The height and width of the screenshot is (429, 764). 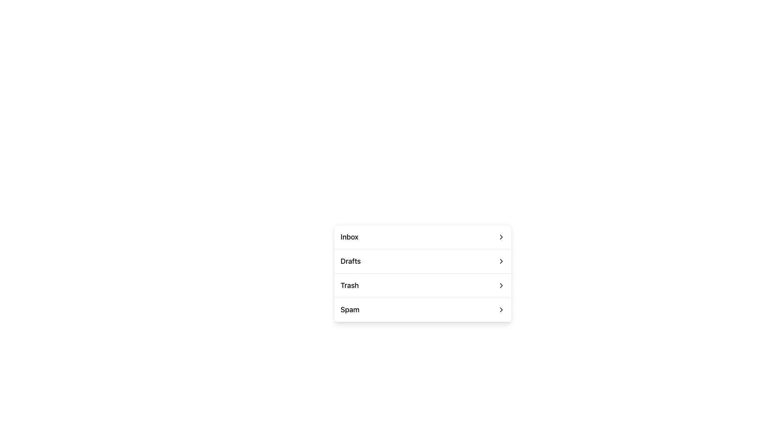 I want to click on the rightward-pointing chevron-shaped icon within the 'Inbox' menu, so click(x=501, y=237).